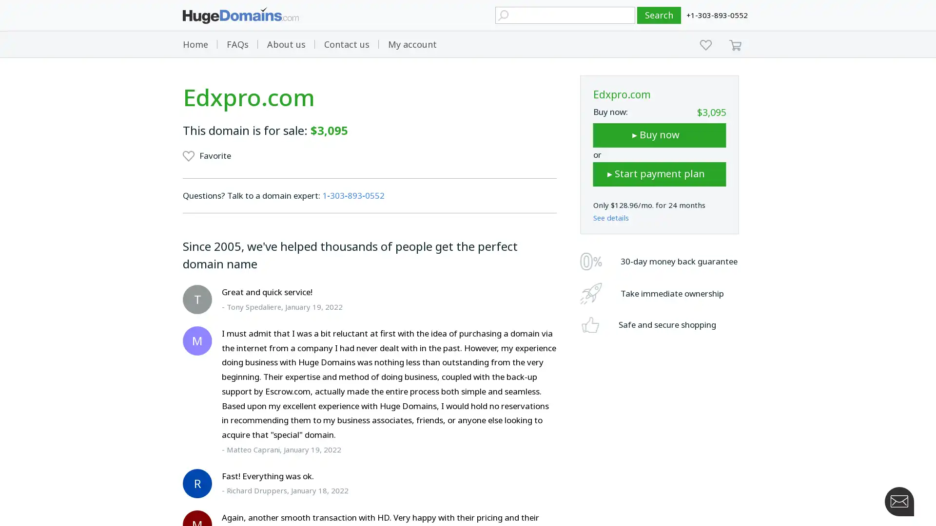 This screenshot has width=936, height=526. Describe the element at coordinates (659, 15) in the screenshot. I see `Search` at that location.